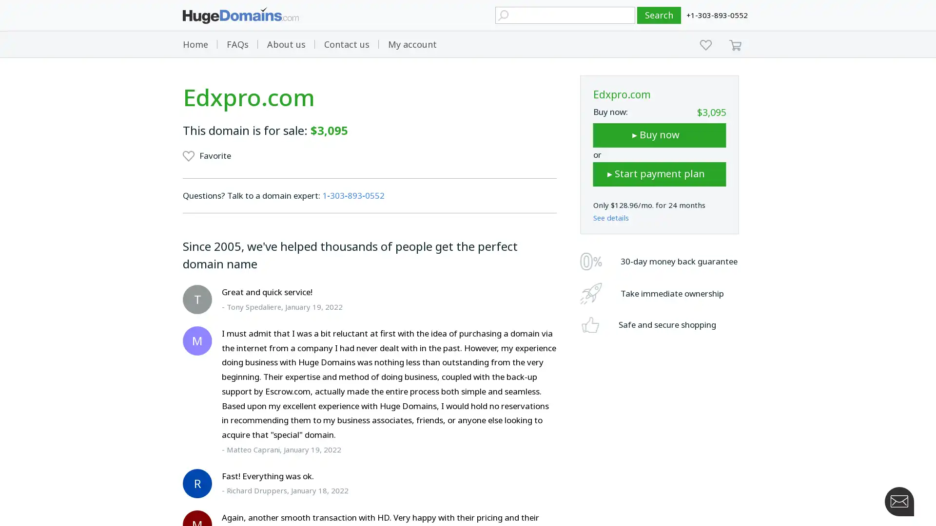 This screenshot has width=936, height=526. Describe the element at coordinates (659, 15) in the screenshot. I see `Search` at that location.